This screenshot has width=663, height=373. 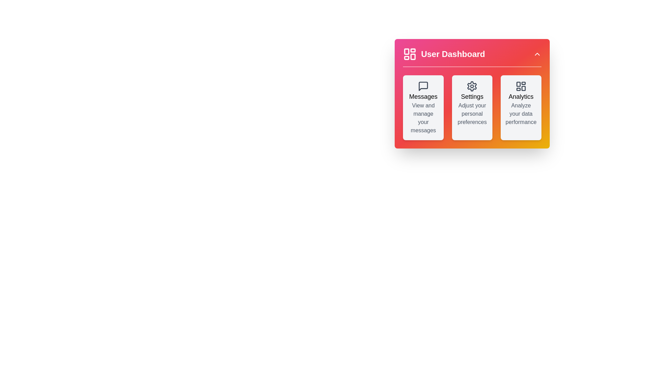 I want to click on the decorative icon representing the 'User Dashboard' section located at the top-left region of the dashboard interface, so click(x=410, y=54).